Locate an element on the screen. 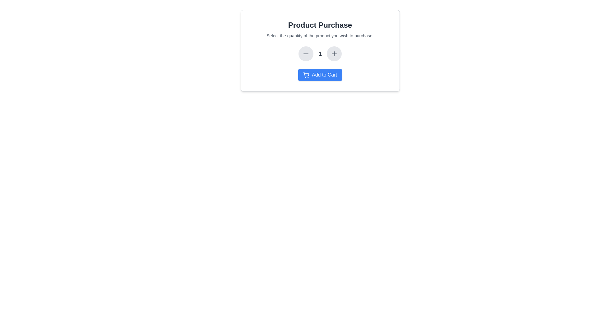  the leftmost circular button with a gray background and a minus sign icon to decrease the quantity is located at coordinates (306, 54).